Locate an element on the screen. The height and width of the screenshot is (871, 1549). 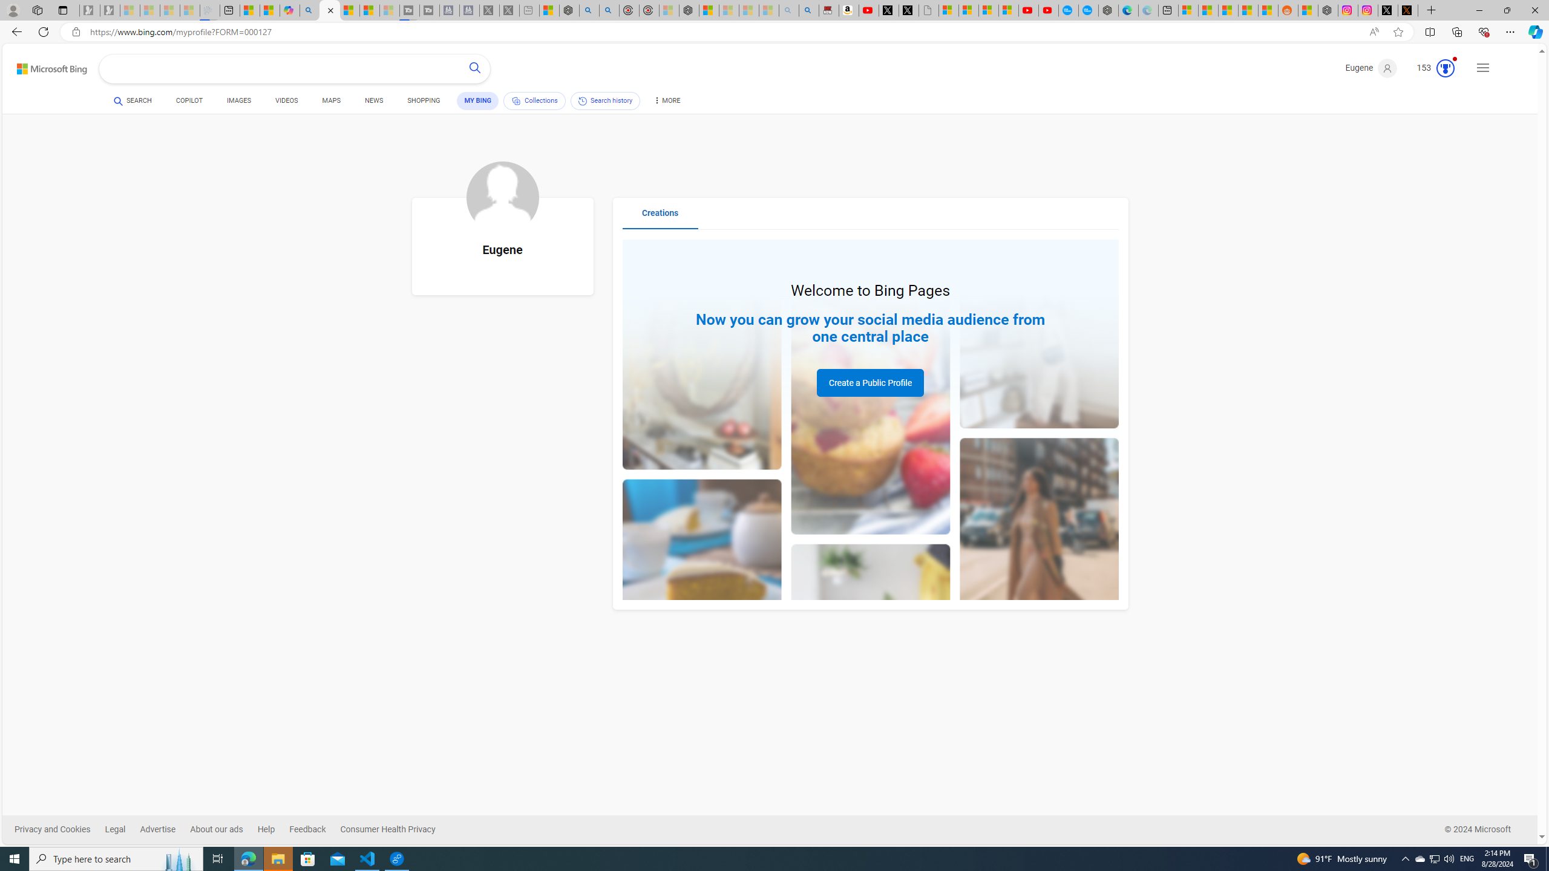
'VIDEOS' is located at coordinates (286, 102).